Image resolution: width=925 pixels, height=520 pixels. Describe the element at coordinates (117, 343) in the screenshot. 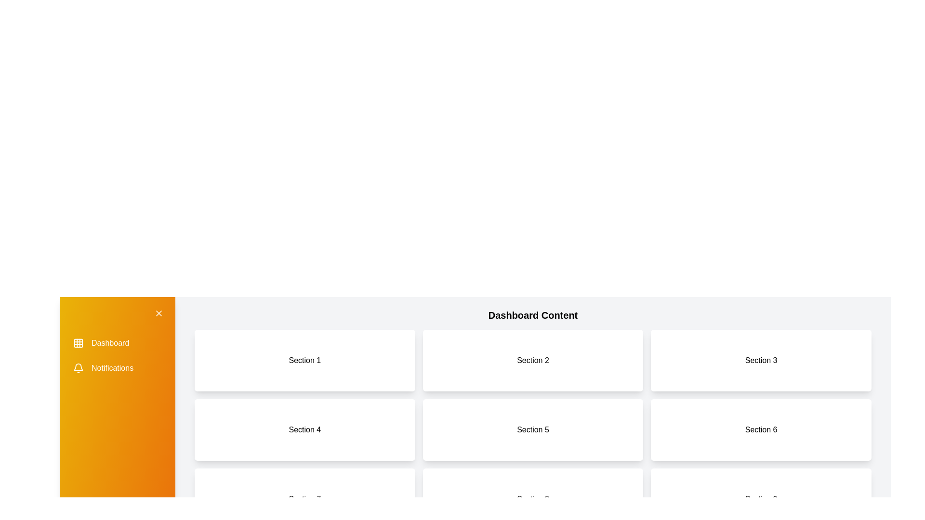

I see `the menu item Dashboard` at that location.